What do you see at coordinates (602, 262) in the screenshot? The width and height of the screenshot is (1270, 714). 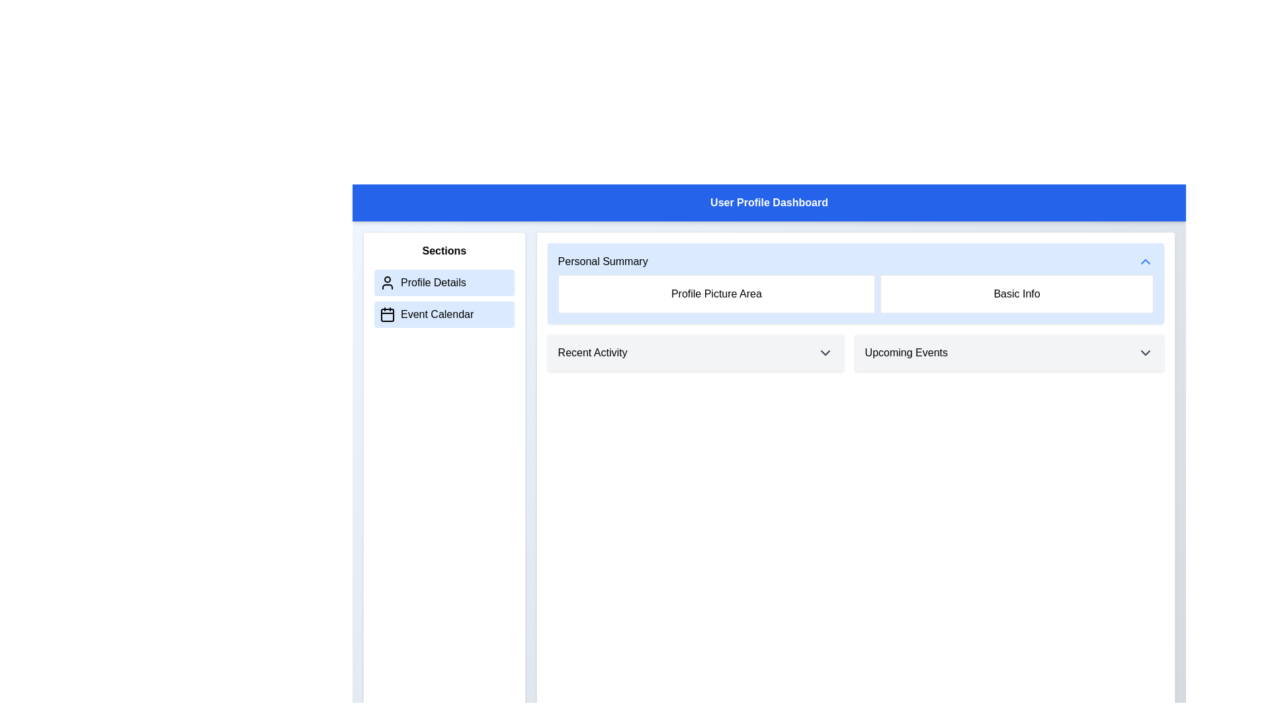 I see `the leftmost text element that serves as a section title for the 'Personal Summary' block` at bounding box center [602, 262].